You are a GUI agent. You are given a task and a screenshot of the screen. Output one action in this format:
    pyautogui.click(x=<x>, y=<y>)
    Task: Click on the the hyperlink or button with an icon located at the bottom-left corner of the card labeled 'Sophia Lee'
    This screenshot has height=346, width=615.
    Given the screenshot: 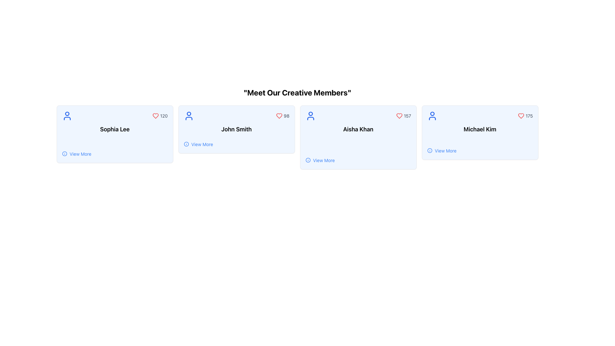 What is the action you would take?
    pyautogui.click(x=77, y=154)
    